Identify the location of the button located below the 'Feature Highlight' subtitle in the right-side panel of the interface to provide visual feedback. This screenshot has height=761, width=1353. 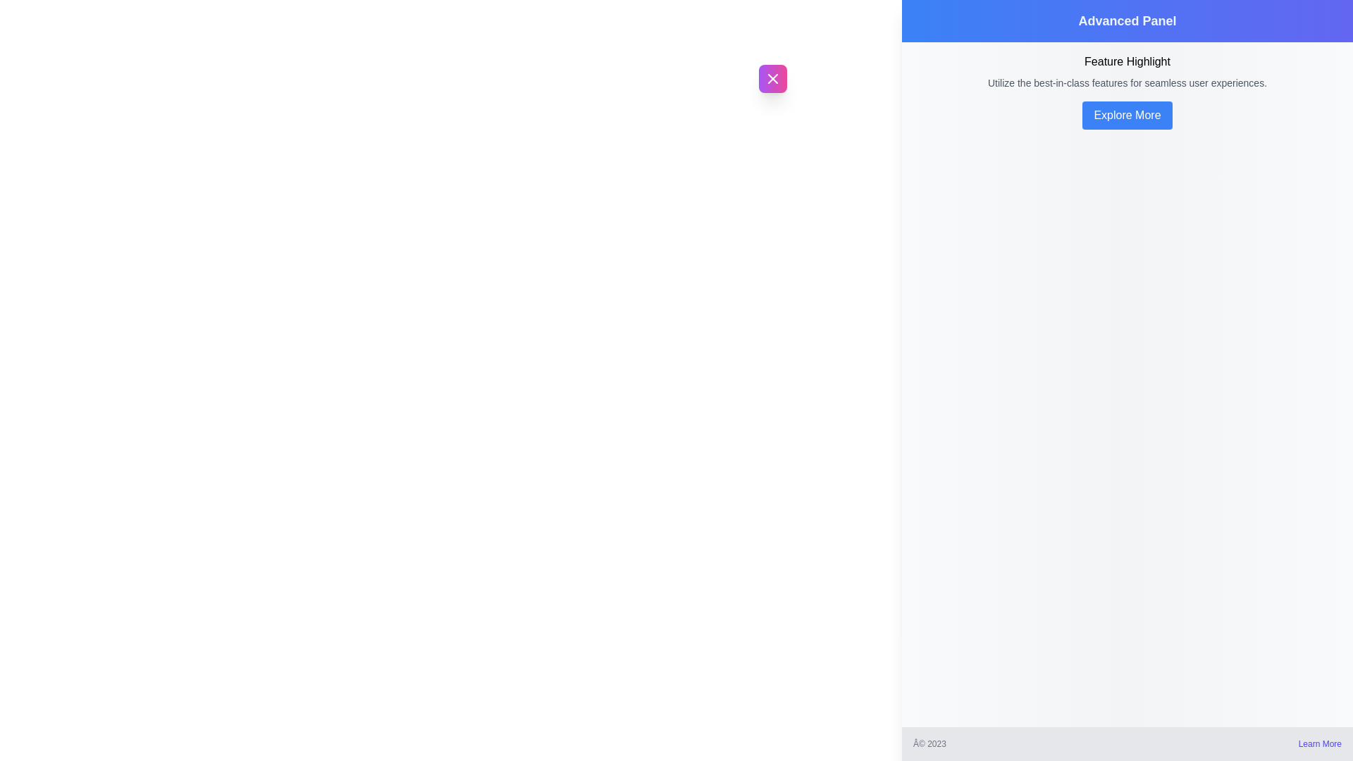
(1126, 115).